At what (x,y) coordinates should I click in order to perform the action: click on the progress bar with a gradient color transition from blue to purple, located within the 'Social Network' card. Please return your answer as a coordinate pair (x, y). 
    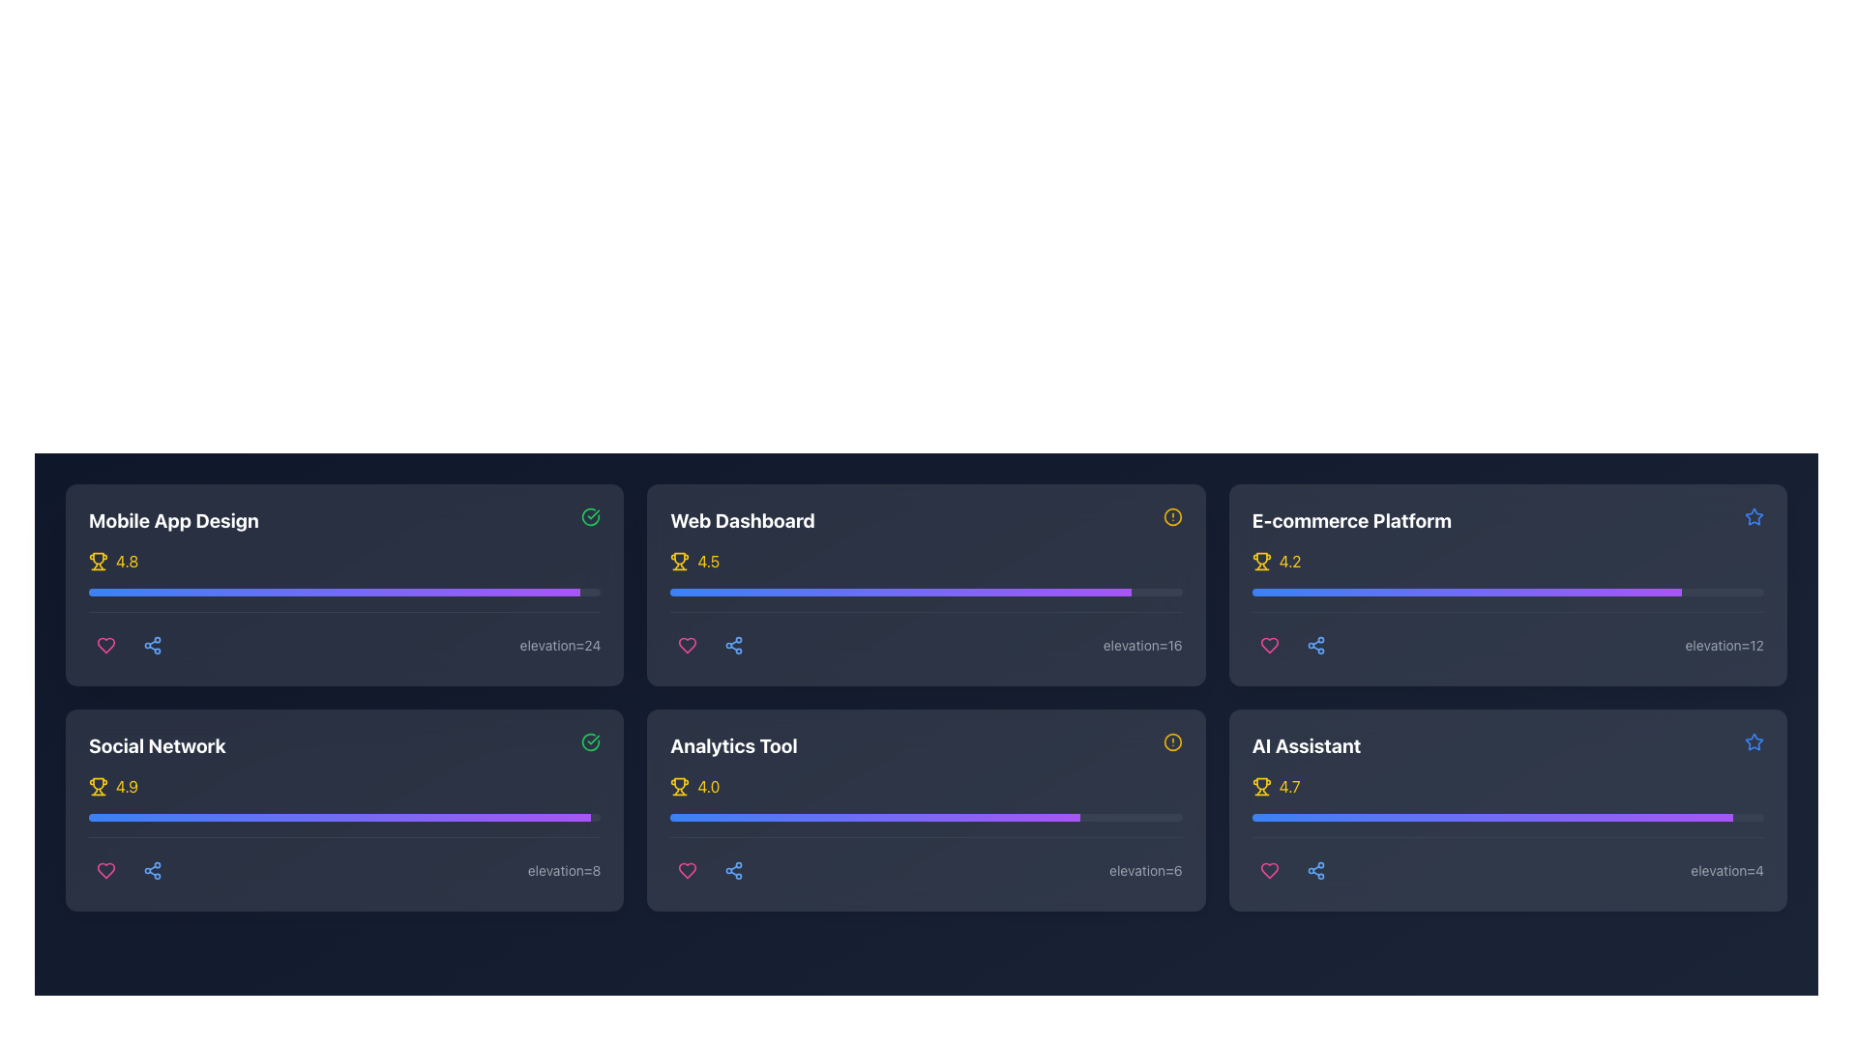
    Looking at the image, I should click on (339, 817).